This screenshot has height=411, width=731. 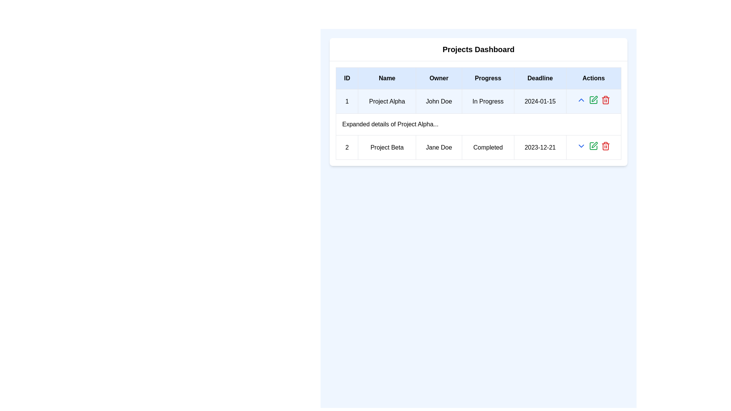 What do you see at coordinates (439, 147) in the screenshot?
I see `the static text label showing the owner's name in the second row of the 'Projects Dashboard' table, located under the 'Owner' column` at bounding box center [439, 147].